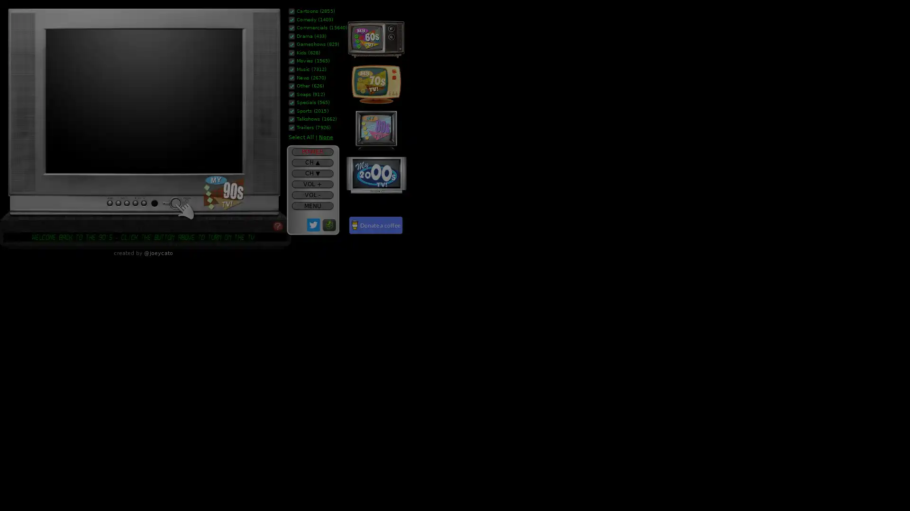  I want to click on CH, so click(312, 162).